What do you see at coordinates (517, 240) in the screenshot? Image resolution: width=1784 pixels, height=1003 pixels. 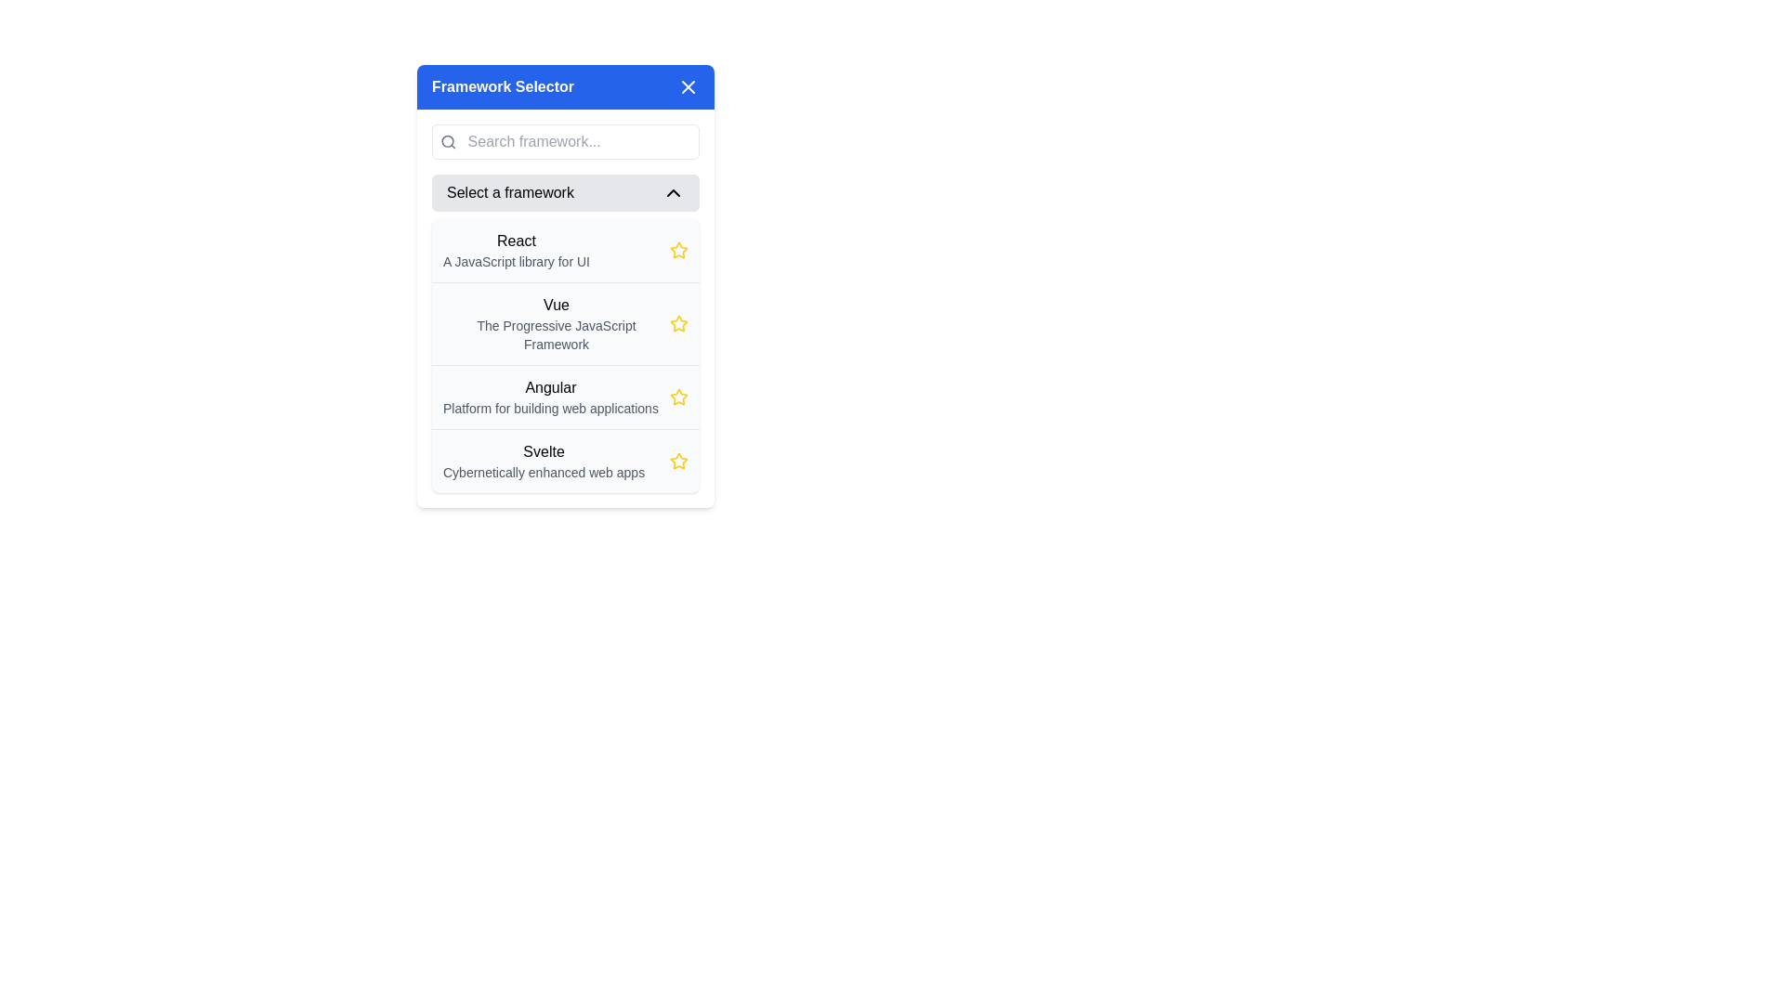 I see `the static text label that identifies the framework option in the dropdown list under the header 'Select a framework'` at bounding box center [517, 240].